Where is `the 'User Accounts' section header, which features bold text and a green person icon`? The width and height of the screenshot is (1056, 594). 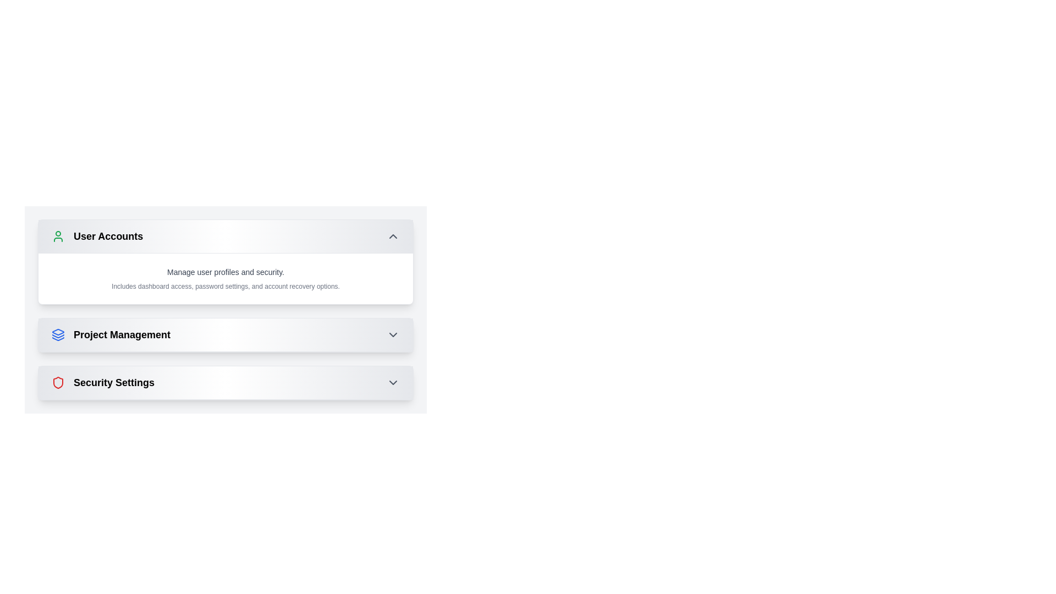 the 'User Accounts' section header, which features bold text and a green person icon is located at coordinates (97, 235).